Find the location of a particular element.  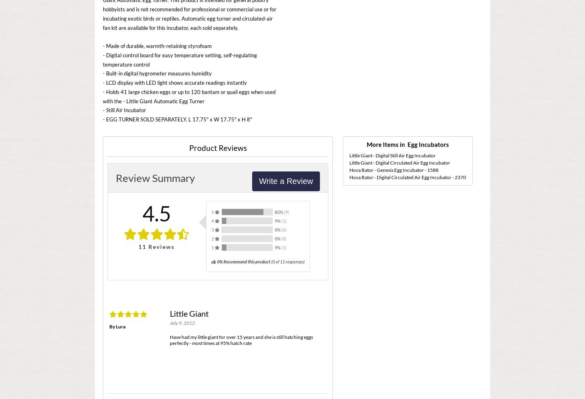

'(' is located at coordinates (271, 261).